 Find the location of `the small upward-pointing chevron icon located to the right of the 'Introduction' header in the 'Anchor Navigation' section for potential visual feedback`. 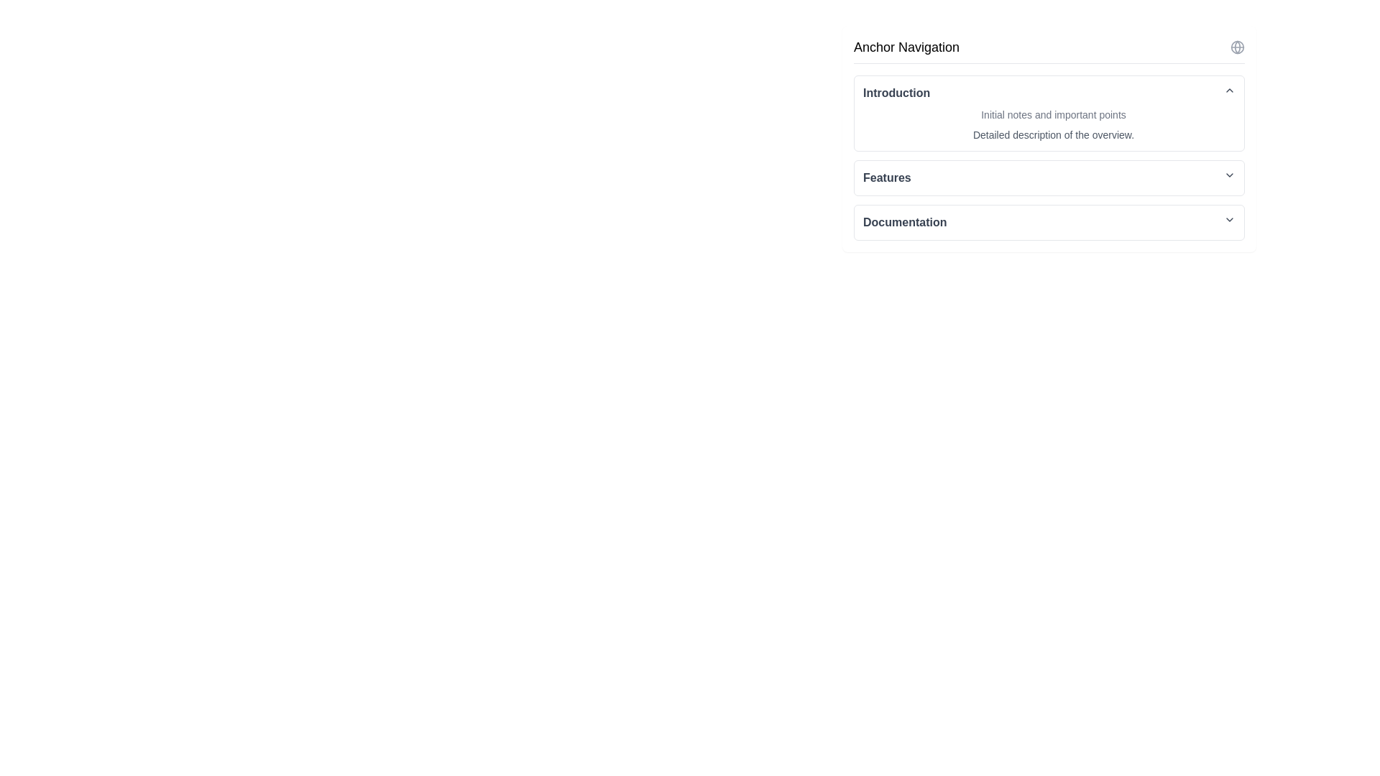

the small upward-pointing chevron icon located to the right of the 'Introduction' header in the 'Anchor Navigation' section for potential visual feedback is located at coordinates (1228, 91).